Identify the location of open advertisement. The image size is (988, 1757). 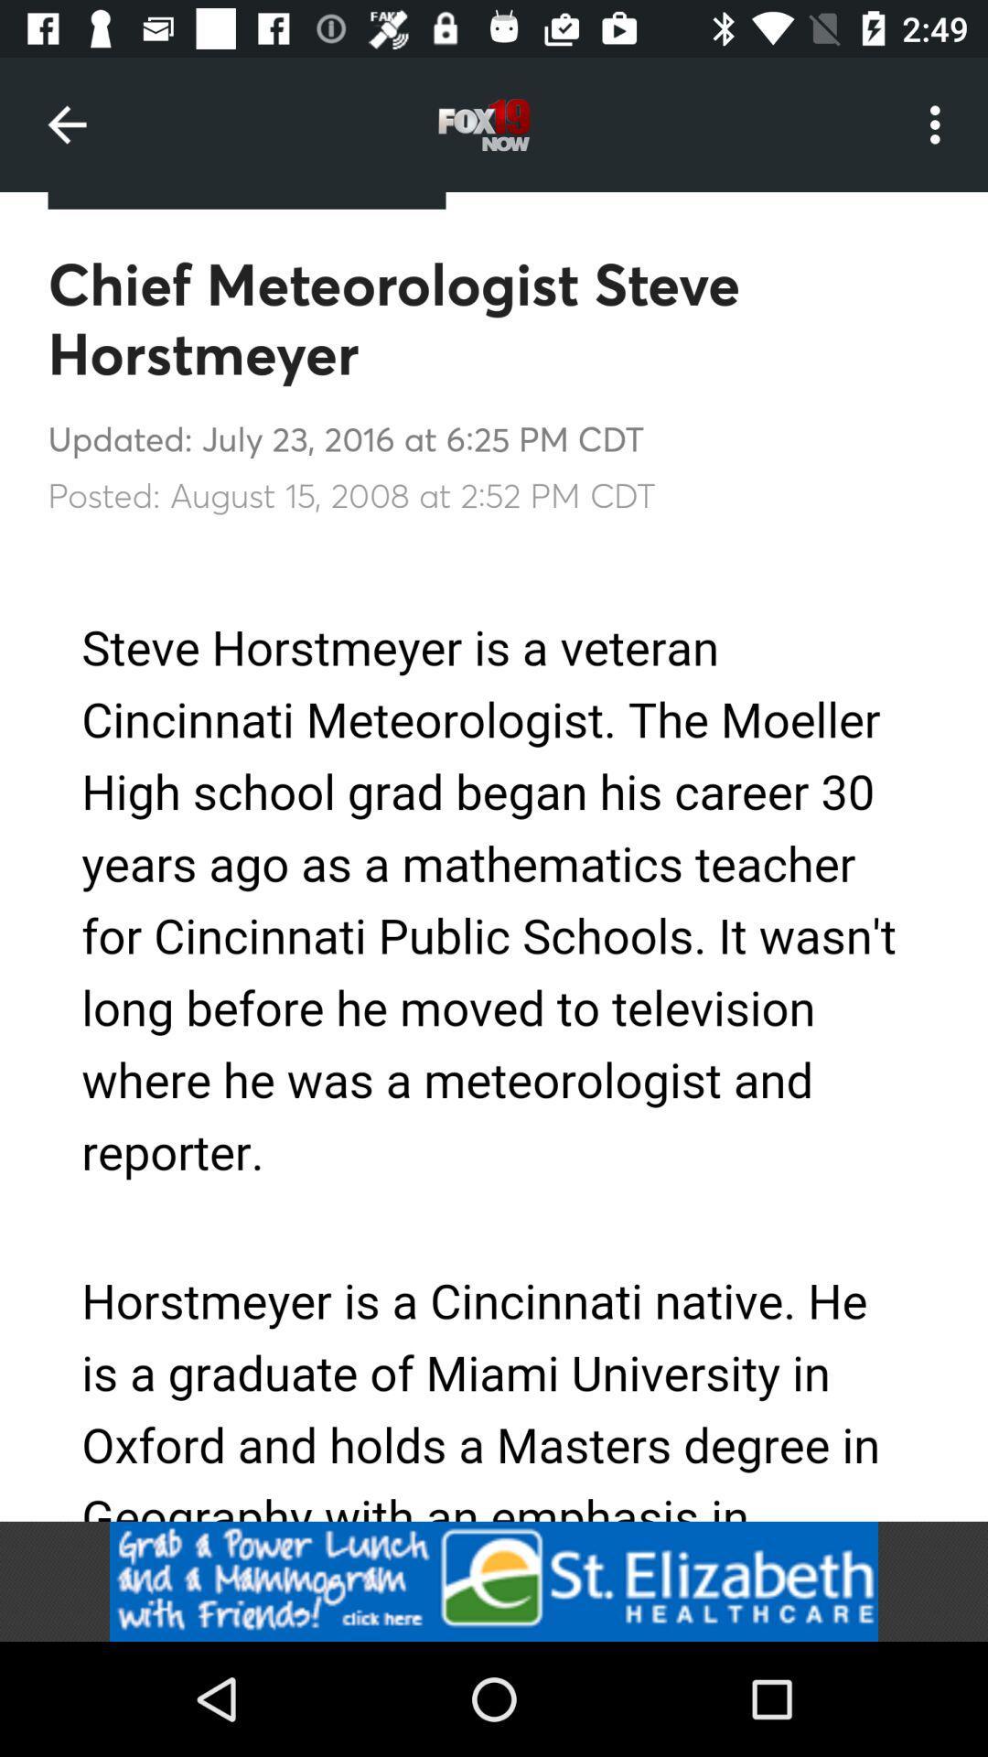
(494, 1580).